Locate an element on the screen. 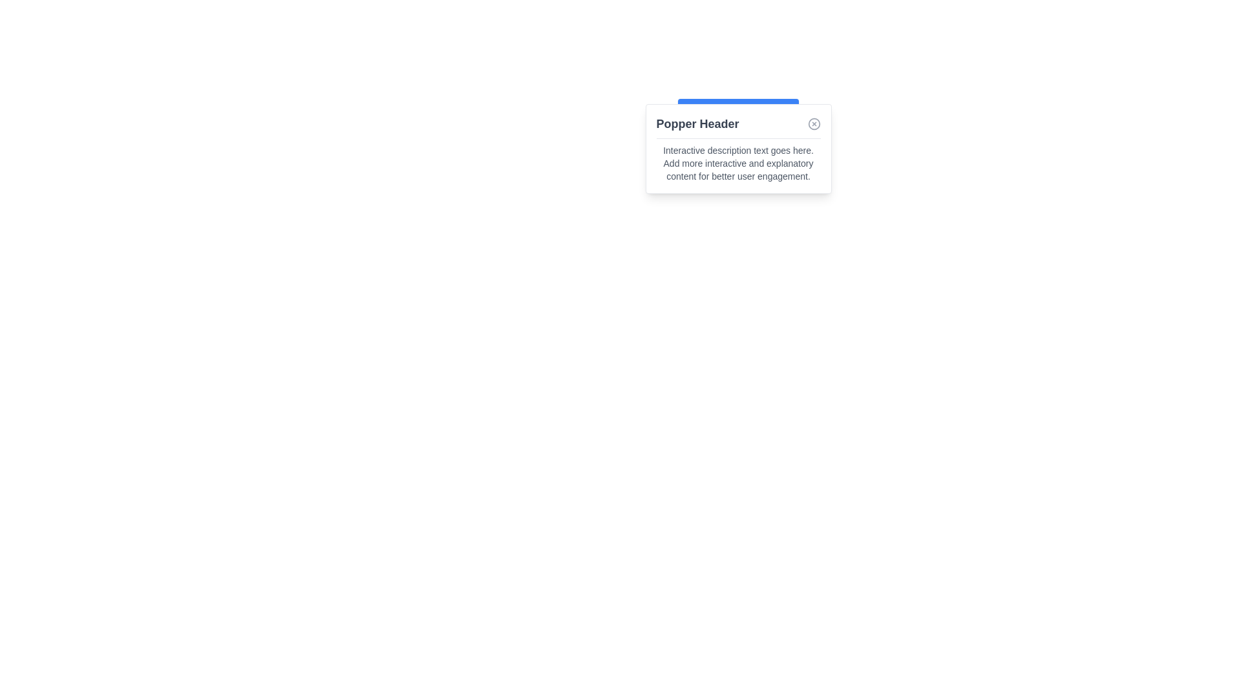  the circular close icon in the top right corner of the modal window, adjacent to the header text 'Popper Header' is located at coordinates (813, 124).